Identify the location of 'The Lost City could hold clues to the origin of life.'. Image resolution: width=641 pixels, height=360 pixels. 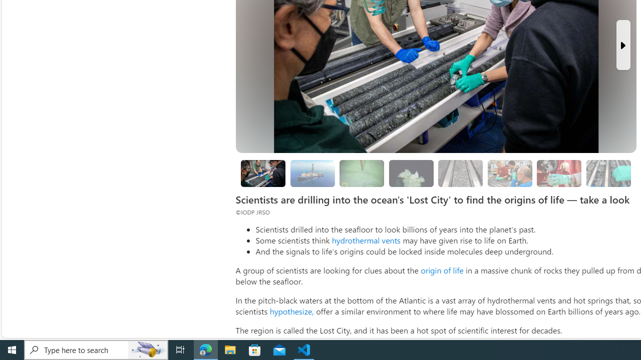
(411, 172).